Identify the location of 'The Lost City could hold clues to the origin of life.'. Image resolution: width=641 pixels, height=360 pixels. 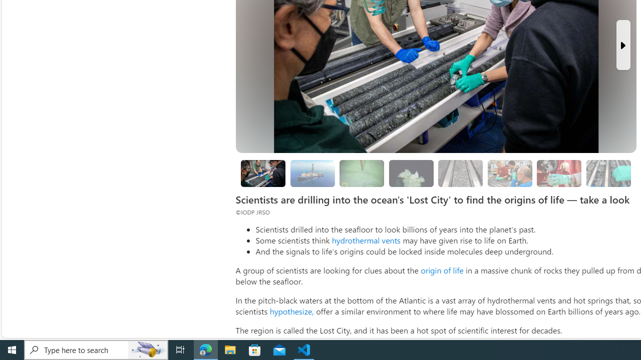
(411, 172).